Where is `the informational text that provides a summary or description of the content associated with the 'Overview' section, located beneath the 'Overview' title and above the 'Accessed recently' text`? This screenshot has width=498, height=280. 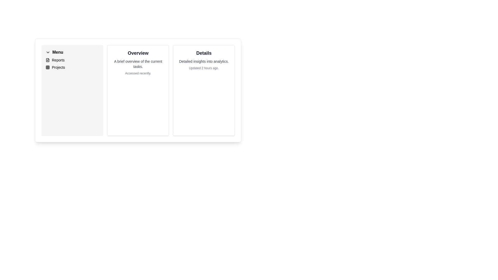 the informational text that provides a summary or description of the content associated with the 'Overview' section, located beneath the 'Overview' title and above the 'Accessed recently' text is located at coordinates (138, 64).